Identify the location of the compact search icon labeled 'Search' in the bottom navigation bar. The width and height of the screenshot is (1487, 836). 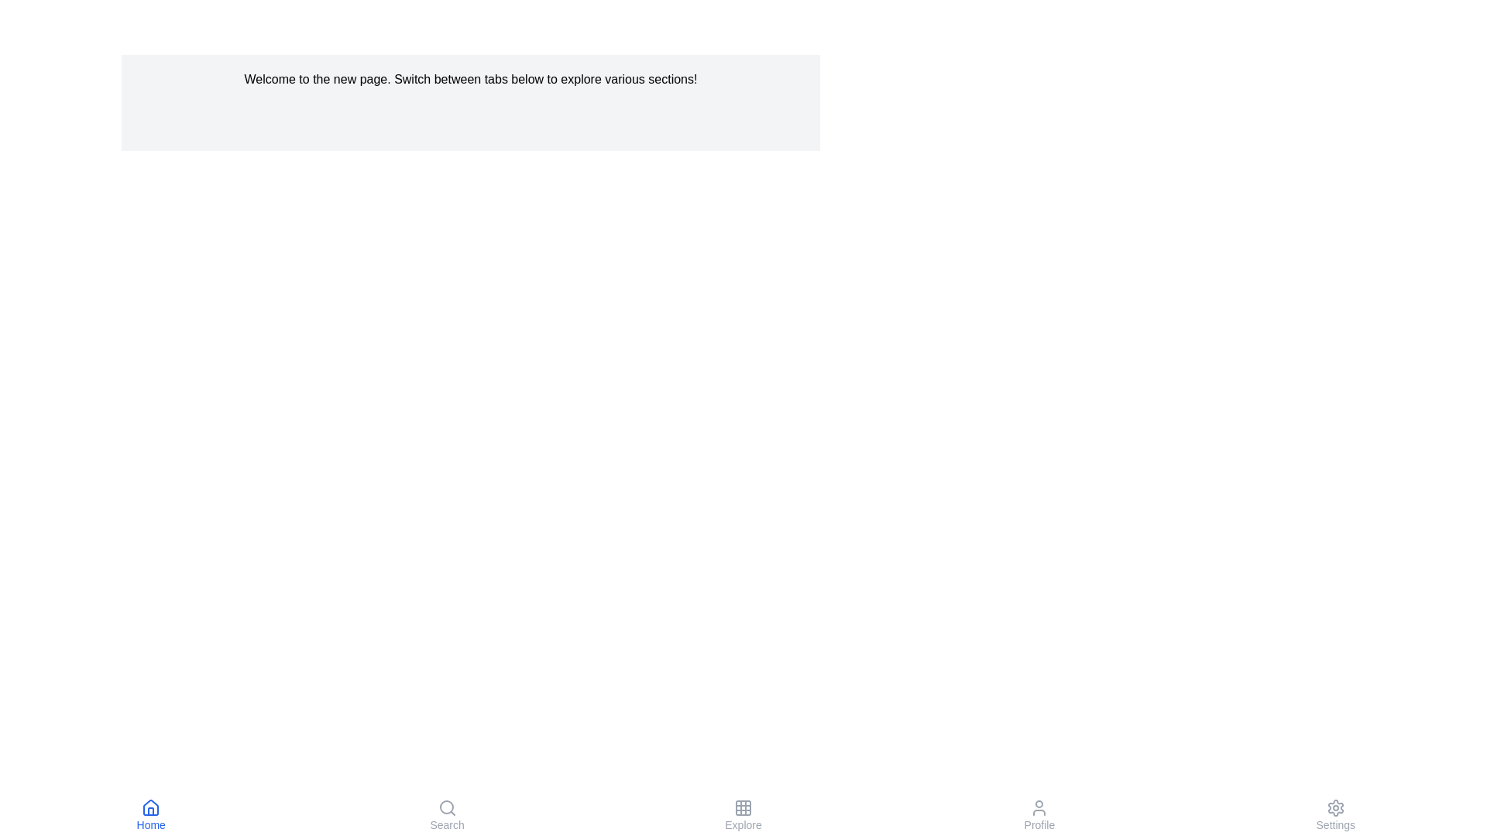
(446, 814).